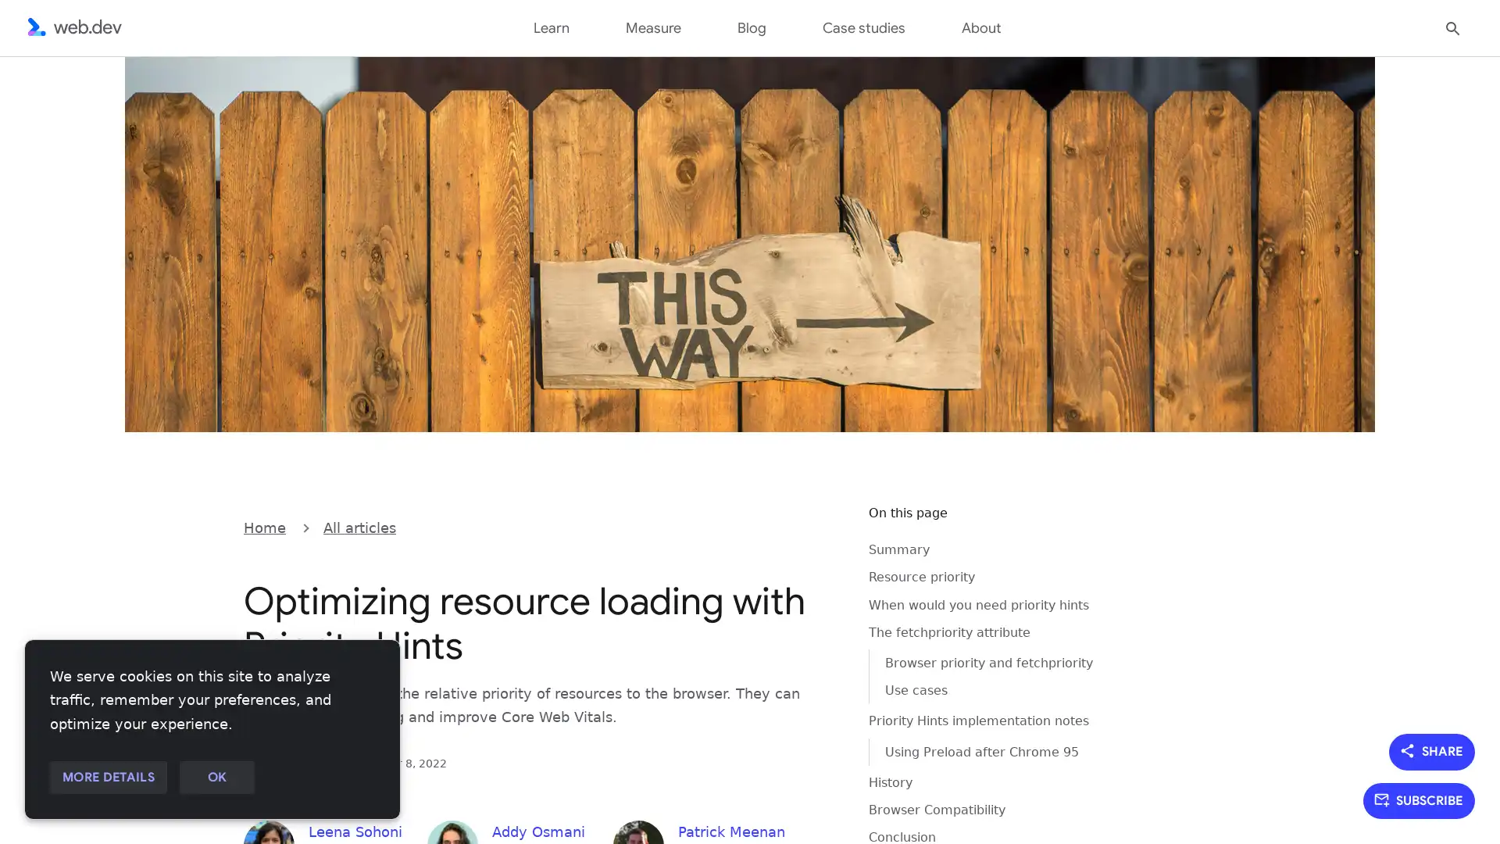 The width and height of the screenshot is (1500, 844). Describe the element at coordinates (1432, 750) in the screenshot. I see `SHARE` at that location.